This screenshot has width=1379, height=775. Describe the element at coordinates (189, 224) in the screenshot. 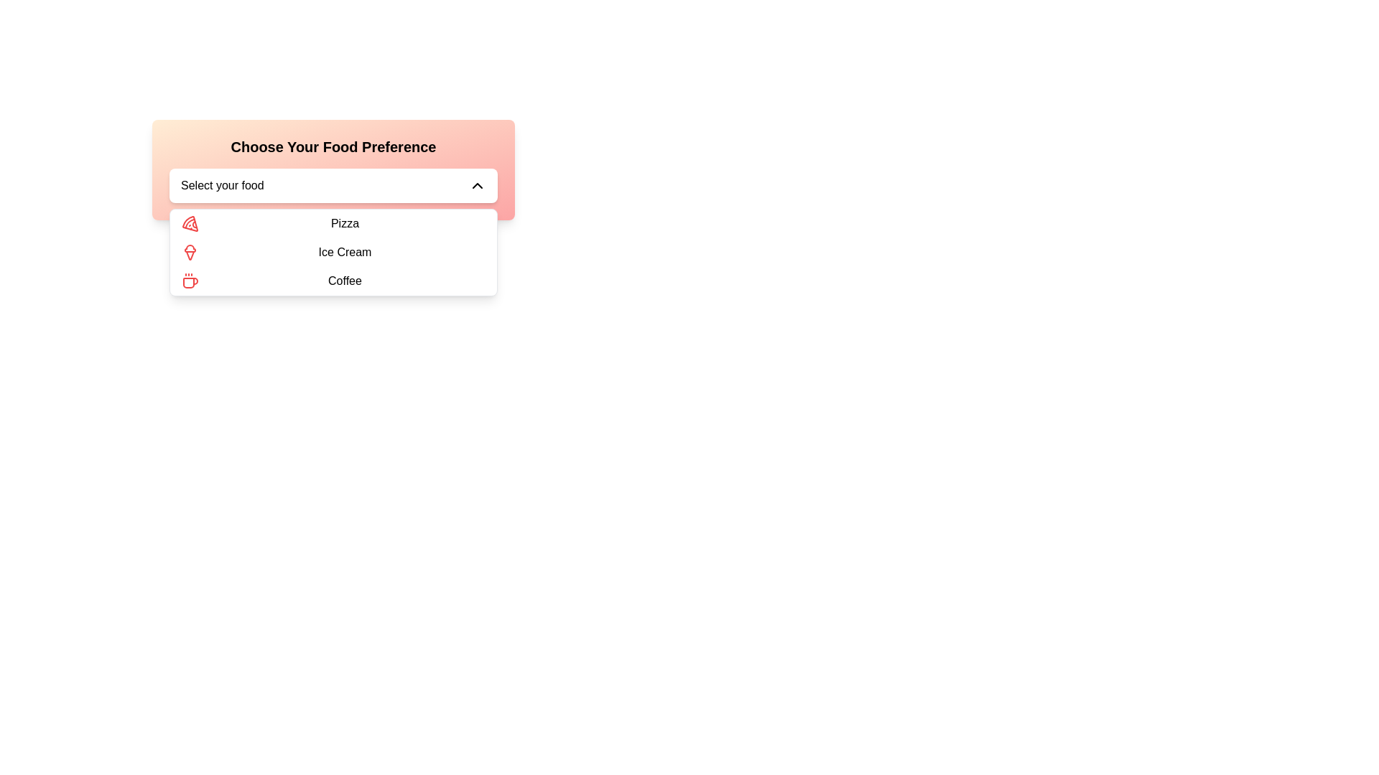

I see `the list item labeled 'Pizza' in the dropdown menu titled 'Choose Your Food Preference'` at that location.